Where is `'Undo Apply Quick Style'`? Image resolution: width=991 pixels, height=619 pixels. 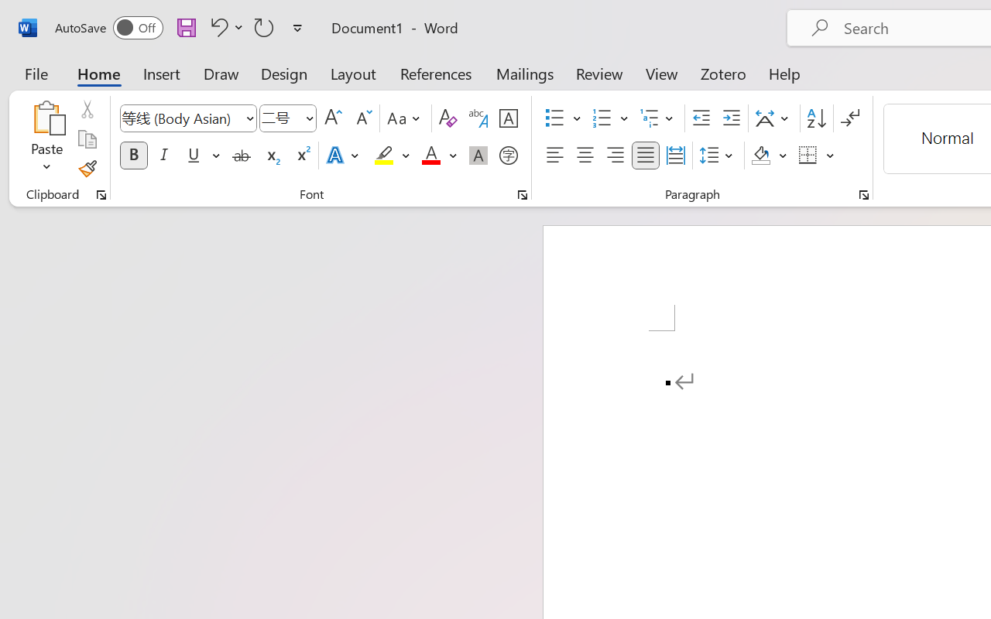
'Undo Apply Quick Style' is located at coordinates (216, 26).